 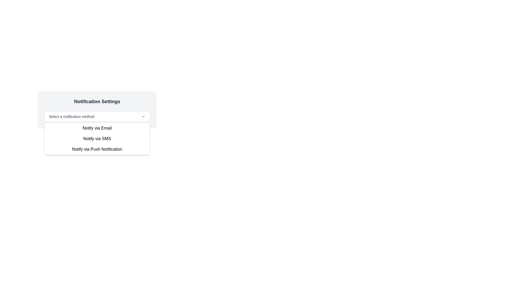 What do you see at coordinates (97, 128) in the screenshot?
I see `the selectable list item labeled 'Notify via Email'` at bounding box center [97, 128].